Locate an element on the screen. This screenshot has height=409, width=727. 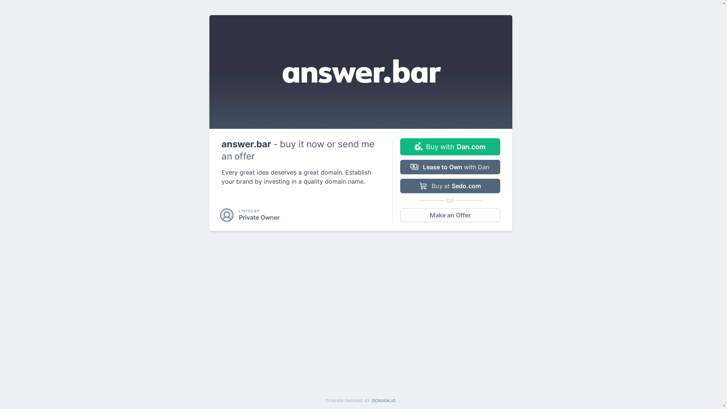
'Buy with Dan.com' is located at coordinates (399, 147).